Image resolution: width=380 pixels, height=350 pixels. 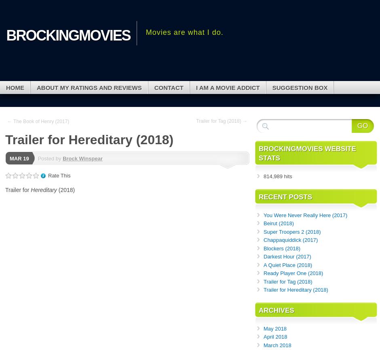 What do you see at coordinates (306, 153) in the screenshot?
I see `'brockingmovies Website Stats'` at bounding box center [306, 153].